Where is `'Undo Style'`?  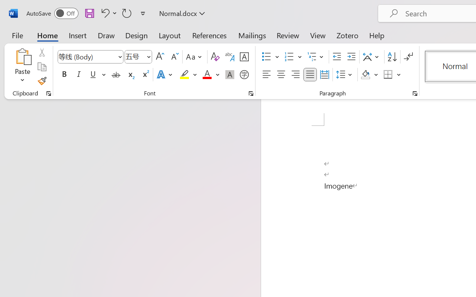 'Undo Style' is located at coordinates (104, 13).